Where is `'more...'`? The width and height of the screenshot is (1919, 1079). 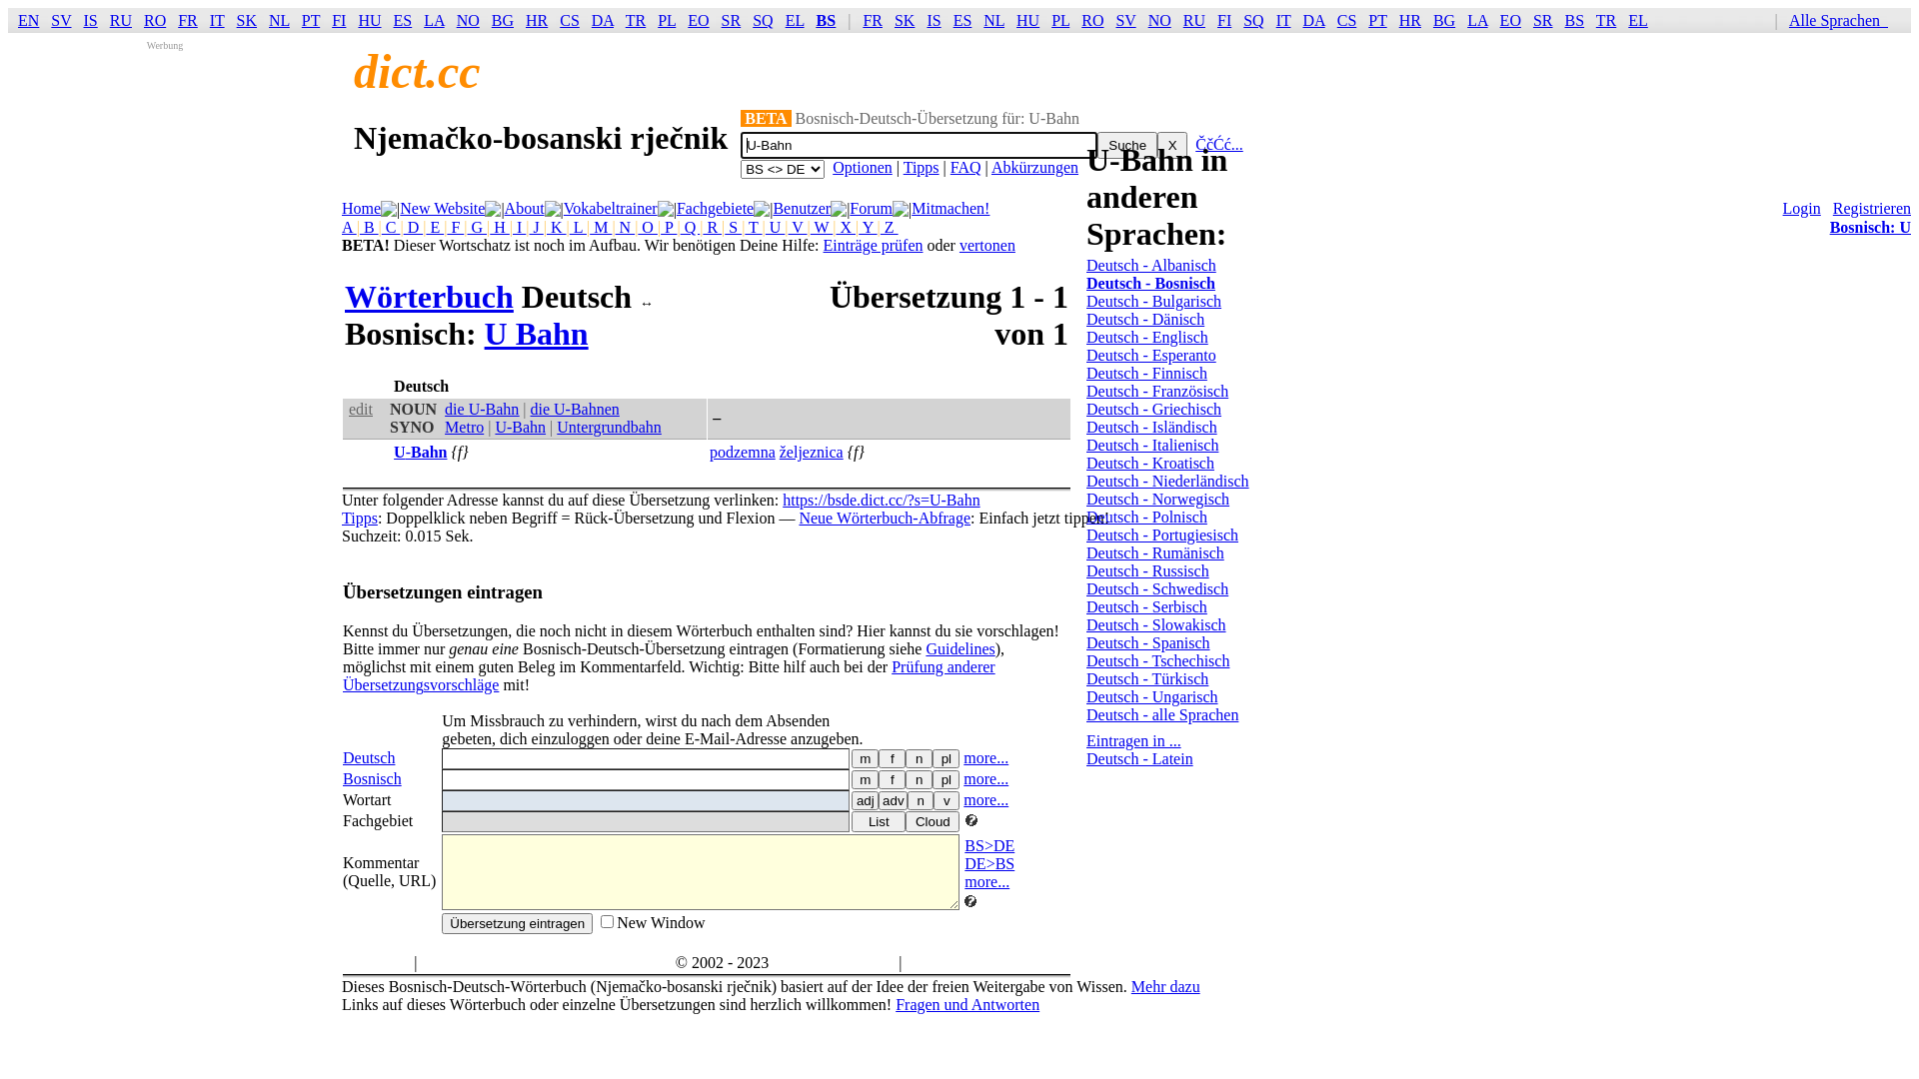 'more...' is located at coordinates (985, 757).